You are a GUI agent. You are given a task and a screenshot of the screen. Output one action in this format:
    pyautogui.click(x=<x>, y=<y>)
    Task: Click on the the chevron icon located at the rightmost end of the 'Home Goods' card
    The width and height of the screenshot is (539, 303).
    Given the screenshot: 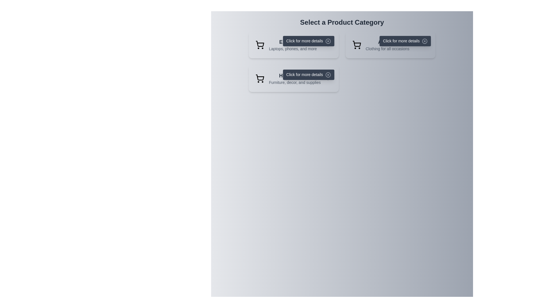 What is the action you would take?
    pyautogui.click(x=328, y=79)
    